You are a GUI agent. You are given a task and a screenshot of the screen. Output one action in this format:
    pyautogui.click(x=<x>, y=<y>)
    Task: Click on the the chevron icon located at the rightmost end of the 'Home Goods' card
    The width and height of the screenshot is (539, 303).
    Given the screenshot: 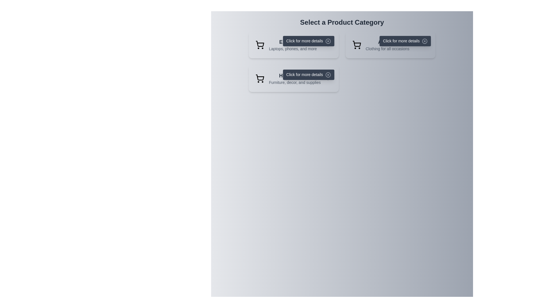 What is the action you would take?
    pyautogui.click(x=328, y=79)
    